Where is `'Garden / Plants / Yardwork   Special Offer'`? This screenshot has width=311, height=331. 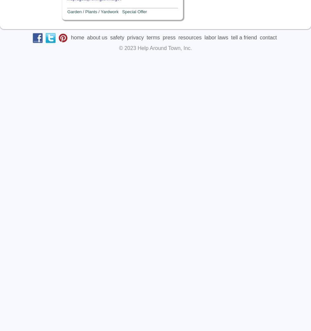 'Garden / Plants / Yardwork   Special Offer' is located at coordinates (107, 11).